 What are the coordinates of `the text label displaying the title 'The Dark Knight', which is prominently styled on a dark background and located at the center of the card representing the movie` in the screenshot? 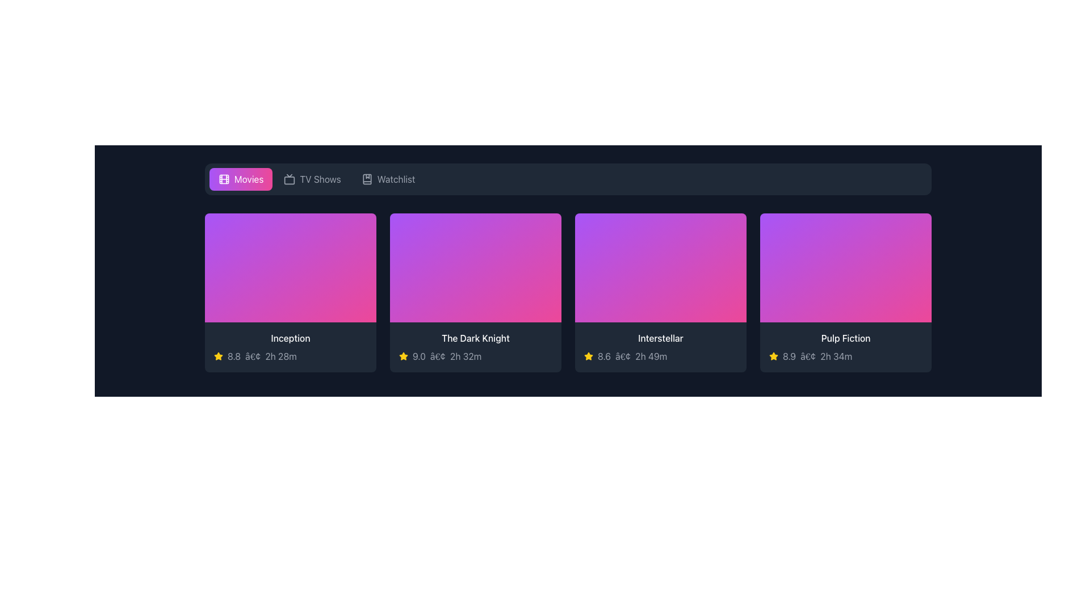 It's located at (476, 338).